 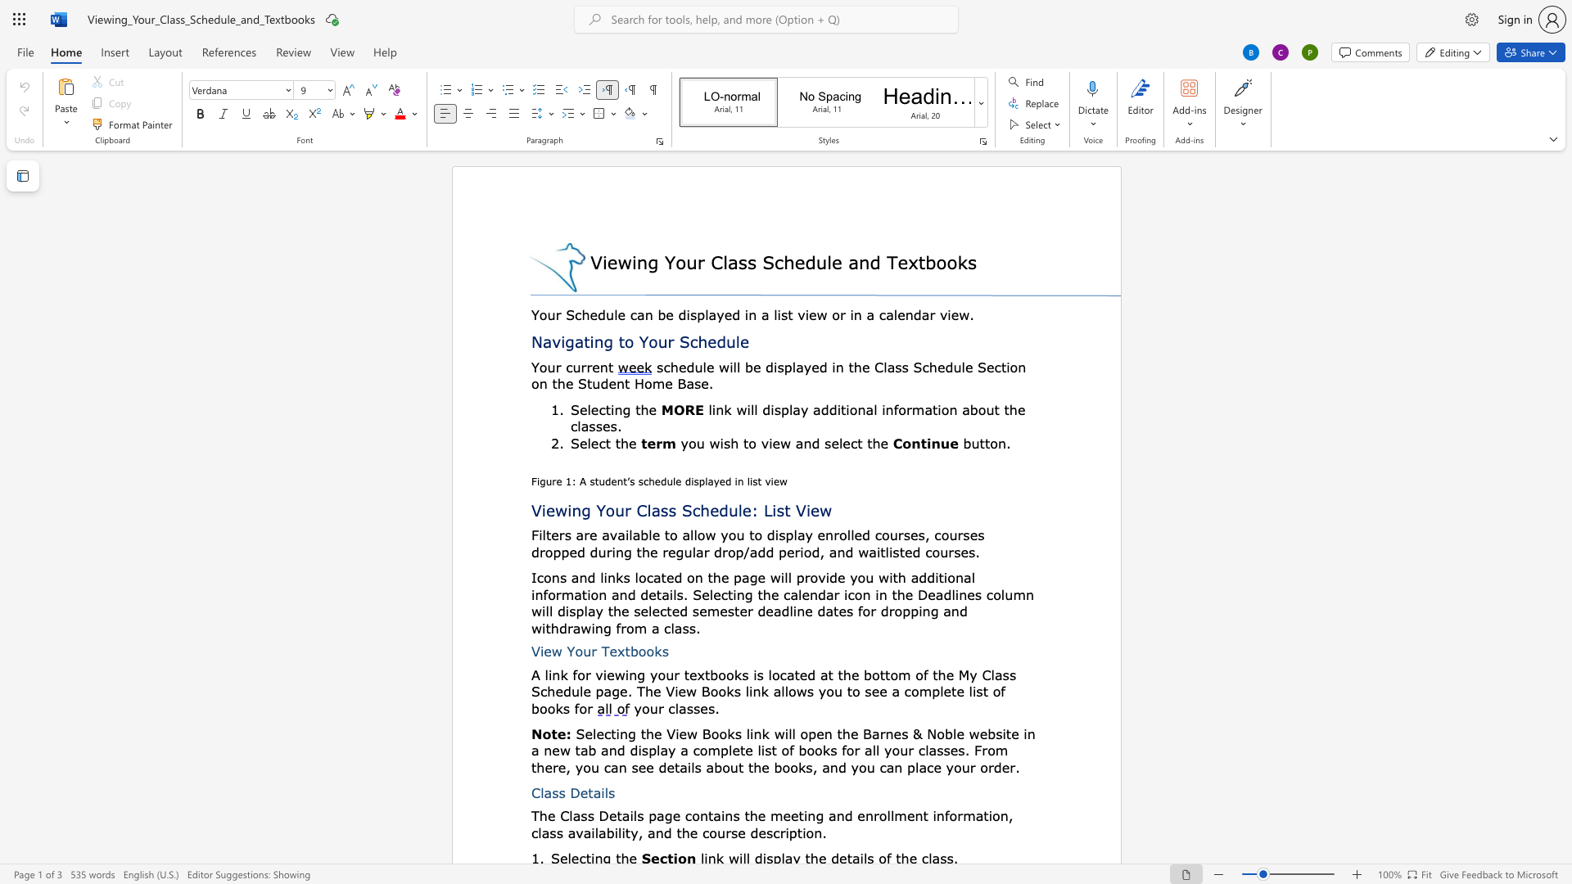 What do you see at coordinates (959, 576) in the screenshot?
I see `the 1th character "n" in the text` at bounding box center [959, 576].